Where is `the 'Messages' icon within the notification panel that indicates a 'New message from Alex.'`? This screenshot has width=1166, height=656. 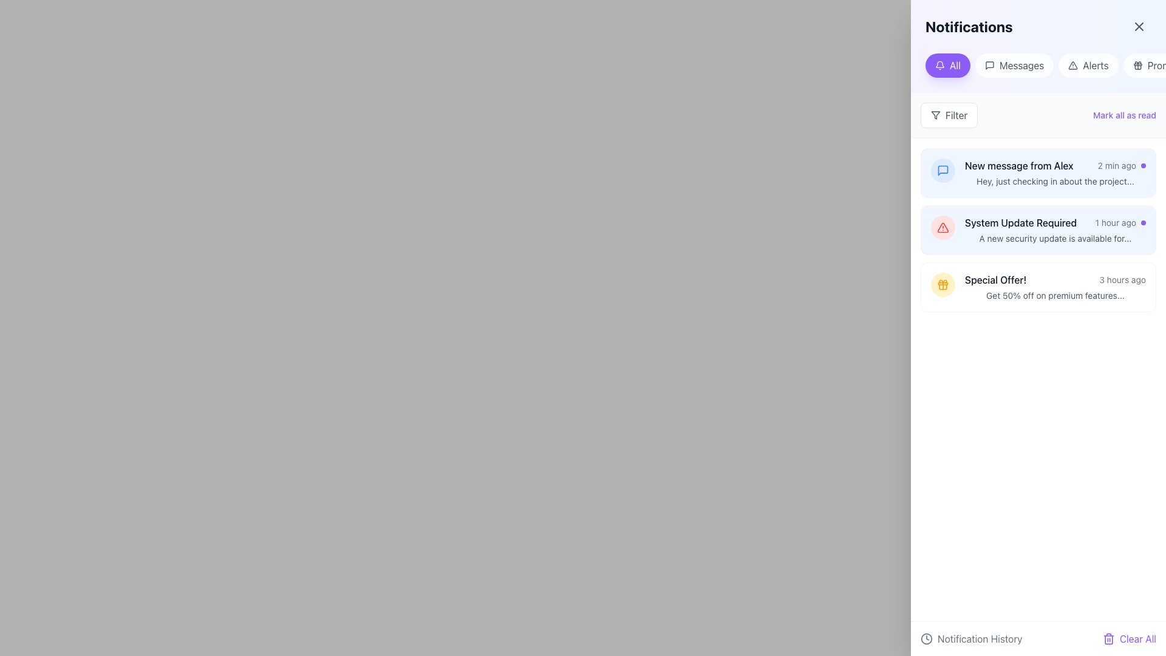
the 'Messages' icon within the notification panel that indicates a 'New message from Alex.' is located at coordinates (943, 171).